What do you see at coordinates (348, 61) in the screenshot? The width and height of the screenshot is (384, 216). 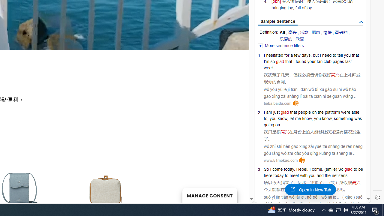 I see `'last'` at bounding box center [348, 61].